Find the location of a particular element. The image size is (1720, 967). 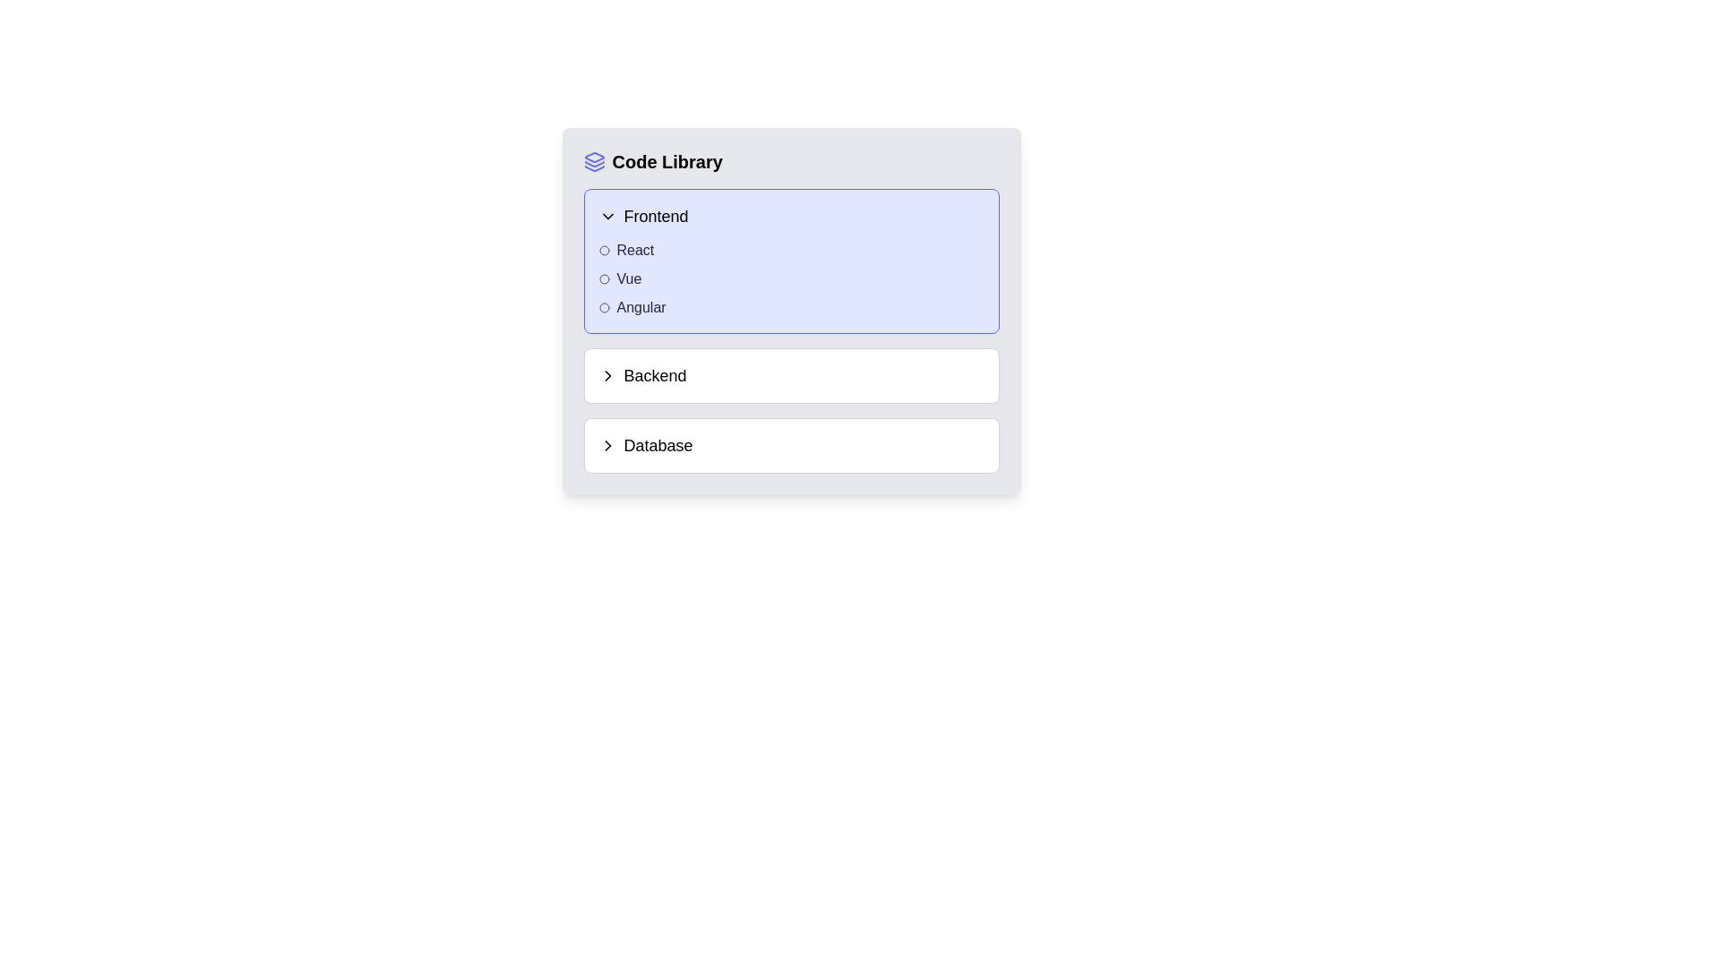

the categorized list item titled 'Frontend' is located at coordinates (790, 261).